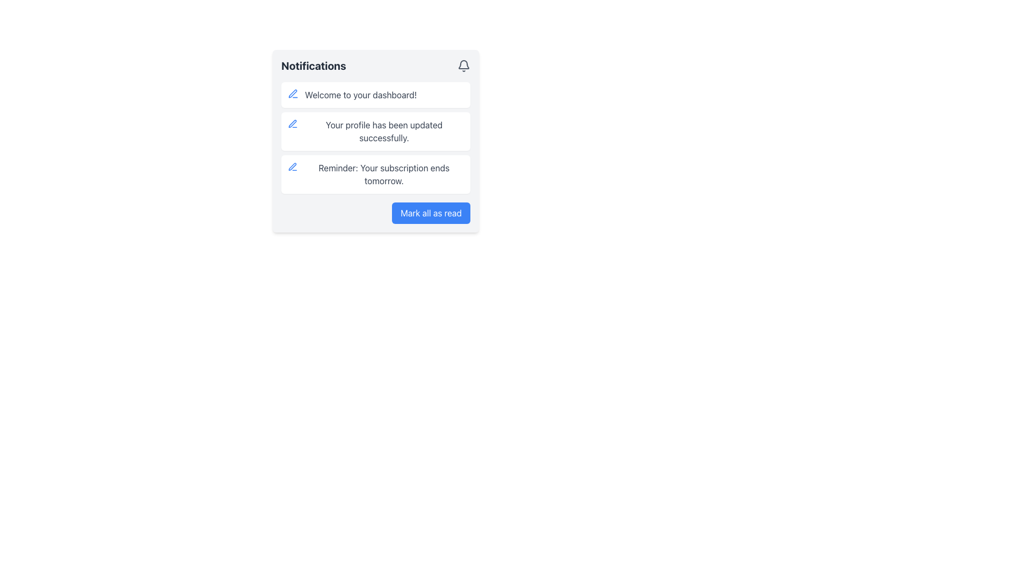 This screenshot has height=580, width=1031. Describe the element at coordinates (376, 140) in the screenshot. I see `notification text by clicking on the second notification entry in the notifications panel, which features a blue pen icon and descriptive text` at that location.